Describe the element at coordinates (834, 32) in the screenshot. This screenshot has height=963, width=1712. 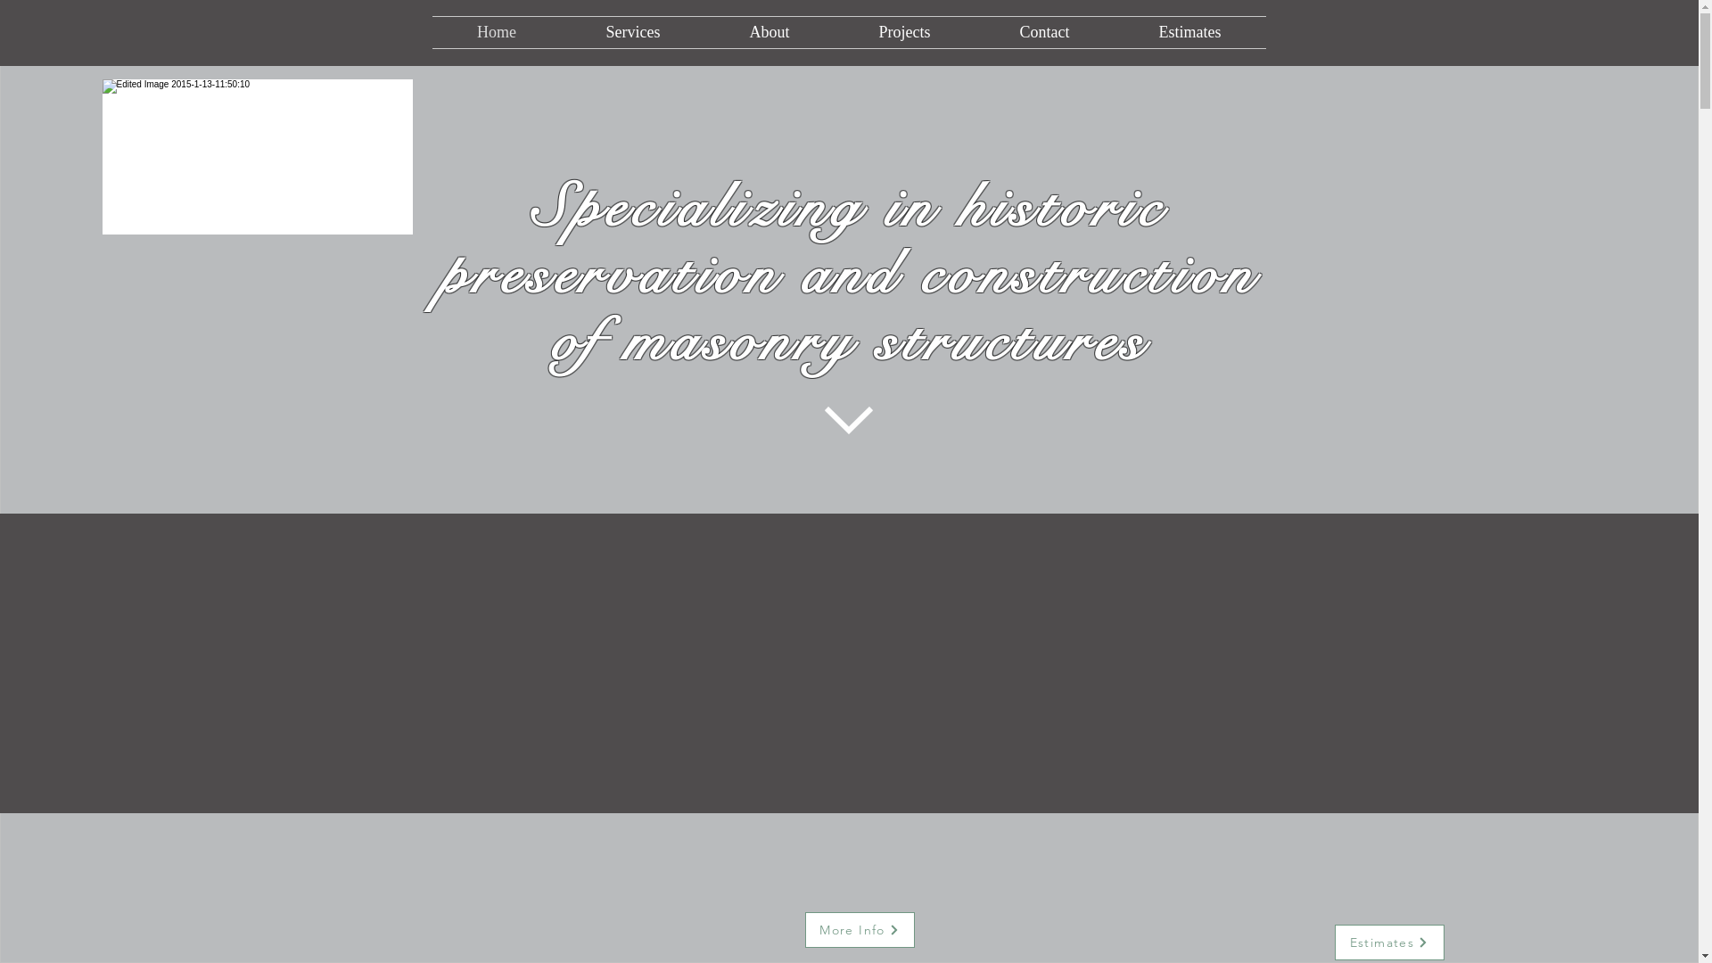
I see `'Projects'` at that location.